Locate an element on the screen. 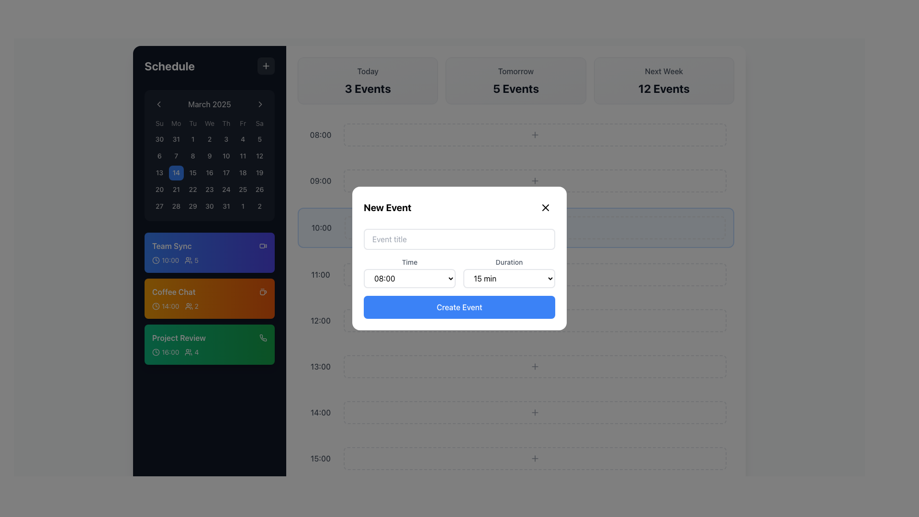 The height and width of the screenshot is (517, 919). the day button representing the 22nd day in the calendar layout located in the fourth row and third column is located at coordinates (192, 190).